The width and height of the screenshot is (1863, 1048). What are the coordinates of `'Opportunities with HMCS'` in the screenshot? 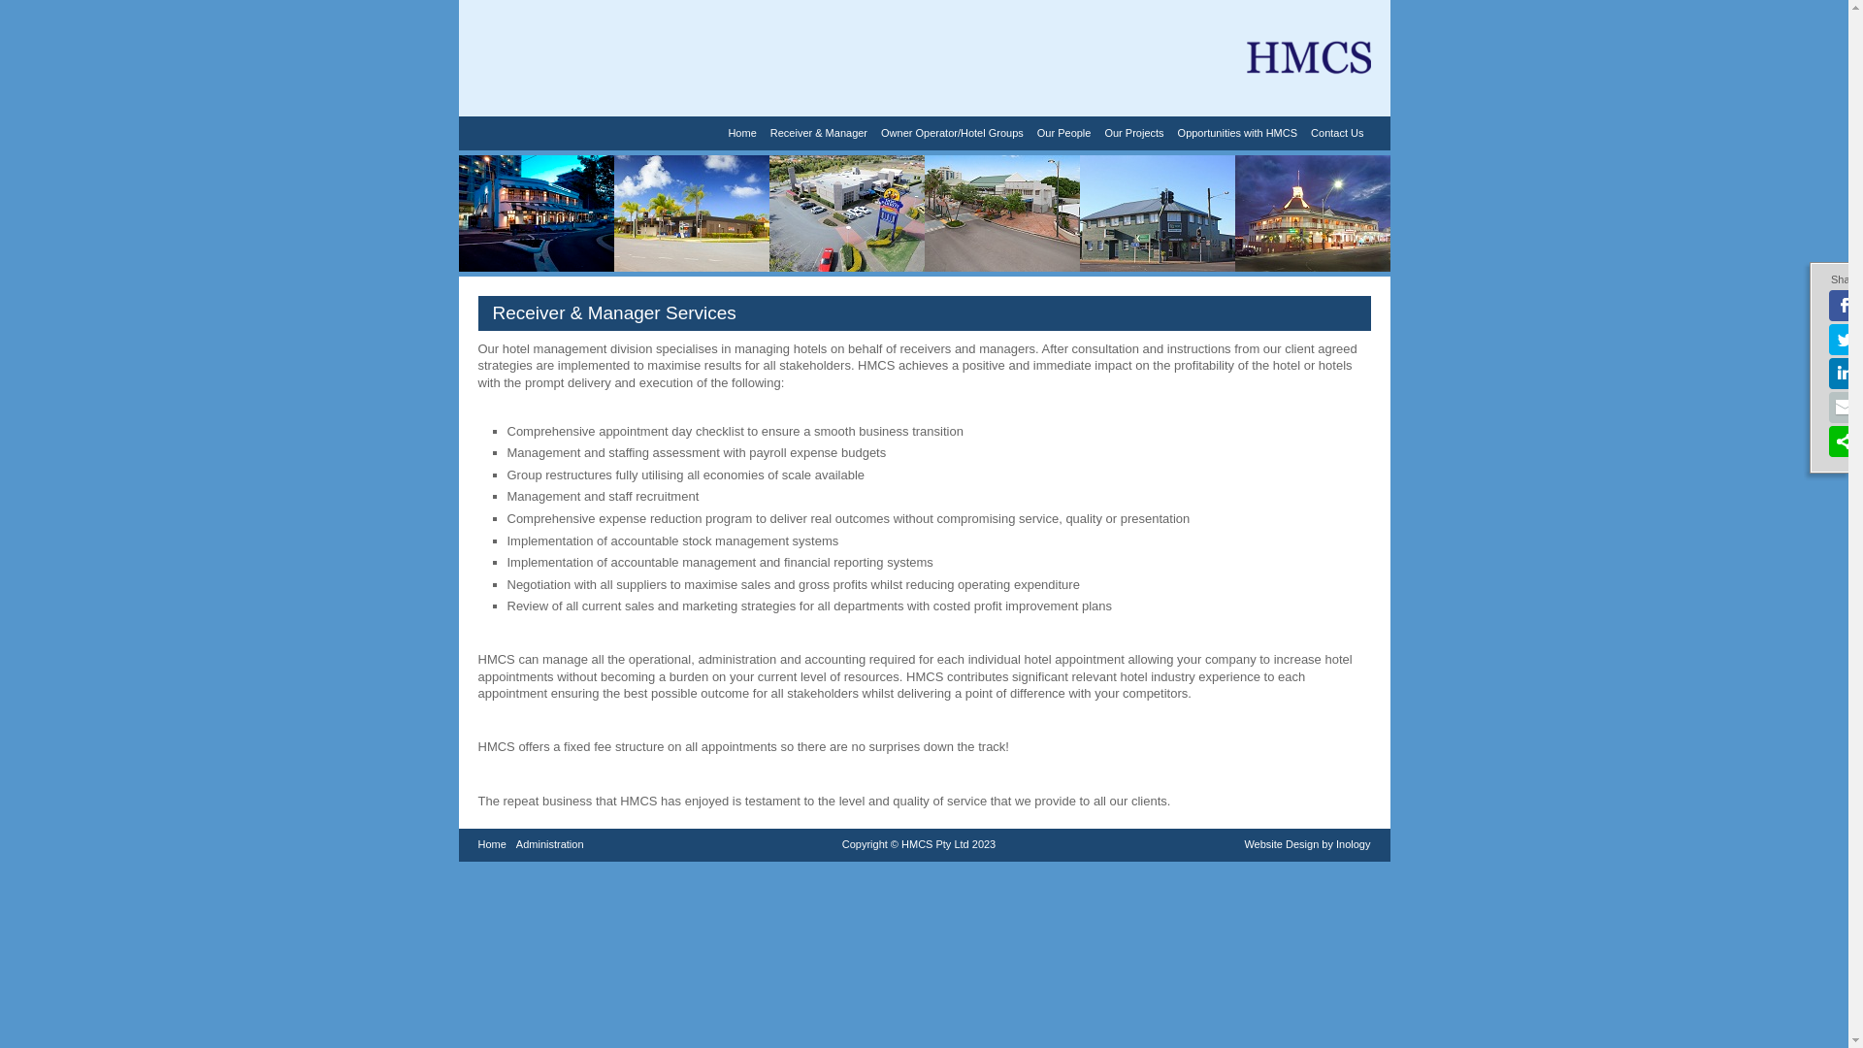 It's located at (1237, 132).